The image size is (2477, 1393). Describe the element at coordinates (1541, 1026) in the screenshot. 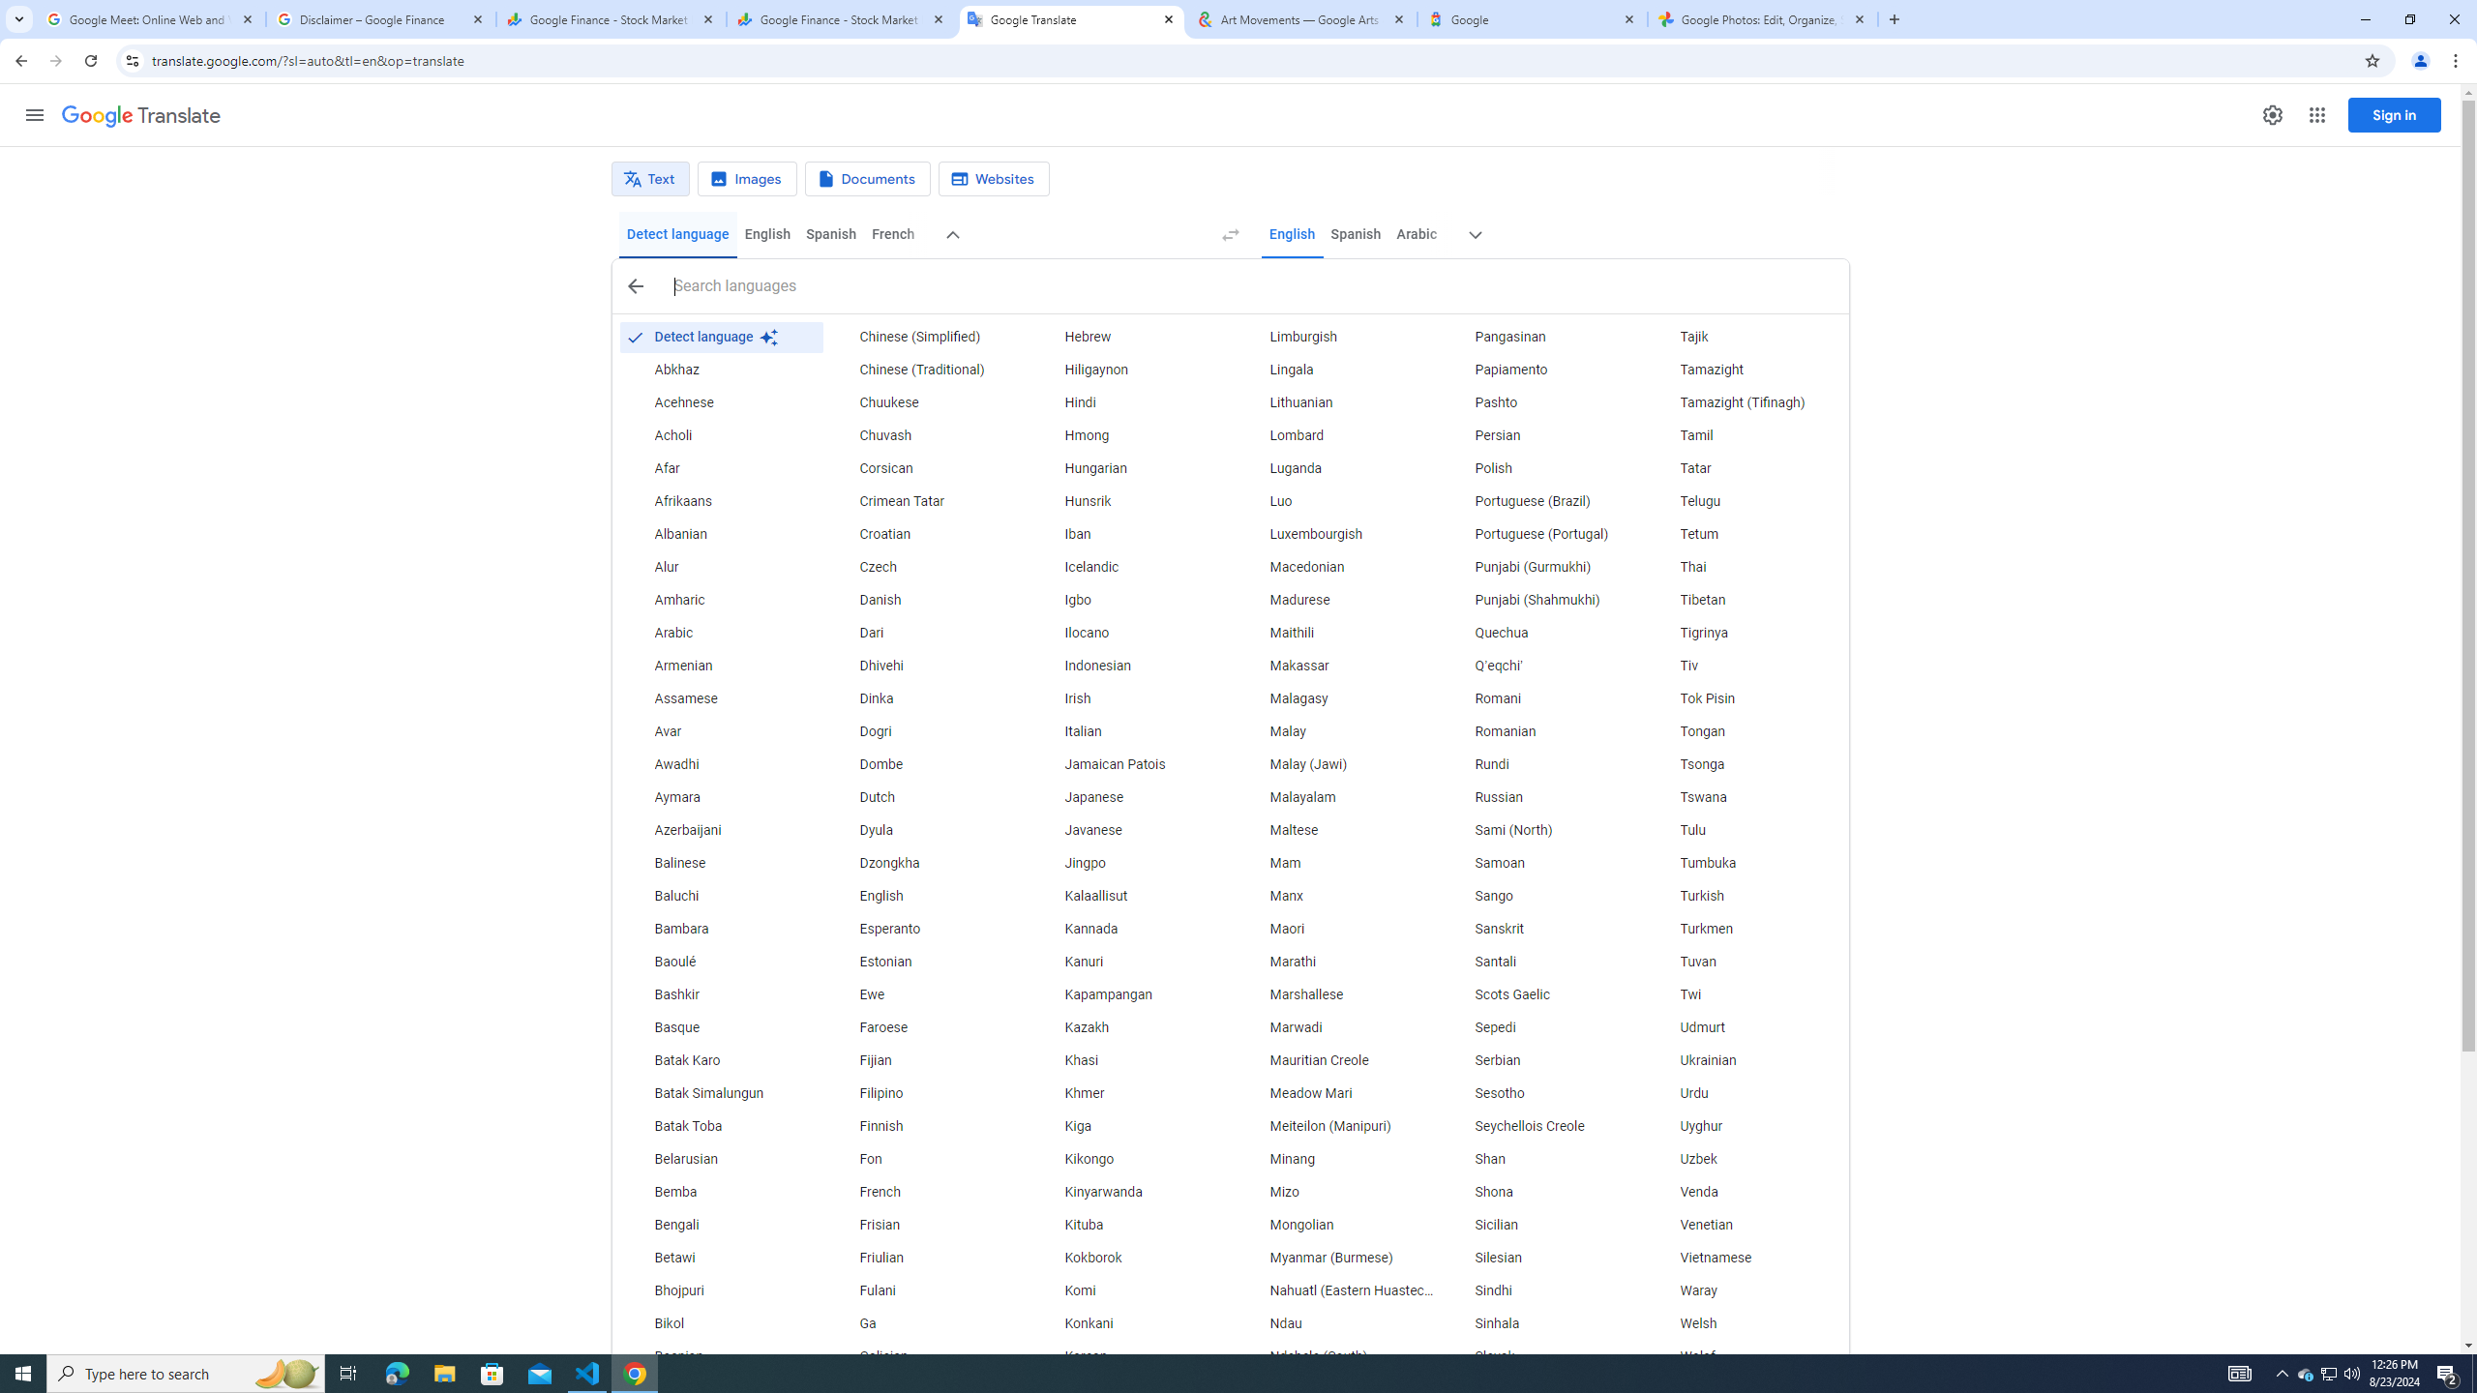

I see `'Sepedi'` at that location.